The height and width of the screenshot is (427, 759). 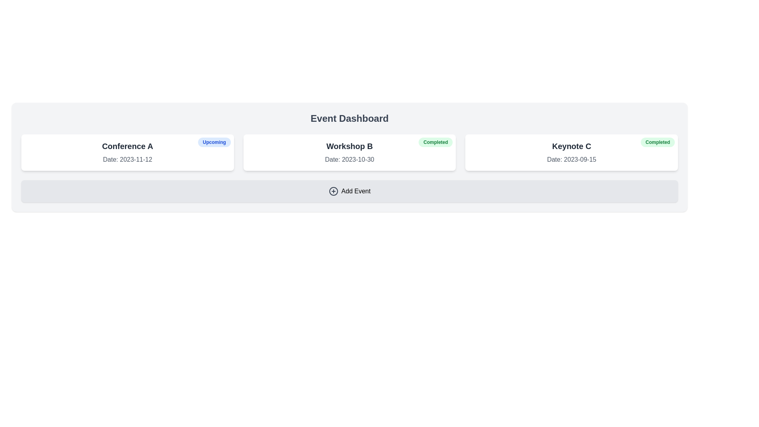 What do you see at coordinates (333, 191) in the screenshot?
I see `the outer circle of the icon that resembles a circle with a plus symbol, located below the 'Add Event' label in the central content section` at bounding box center [333, 191].